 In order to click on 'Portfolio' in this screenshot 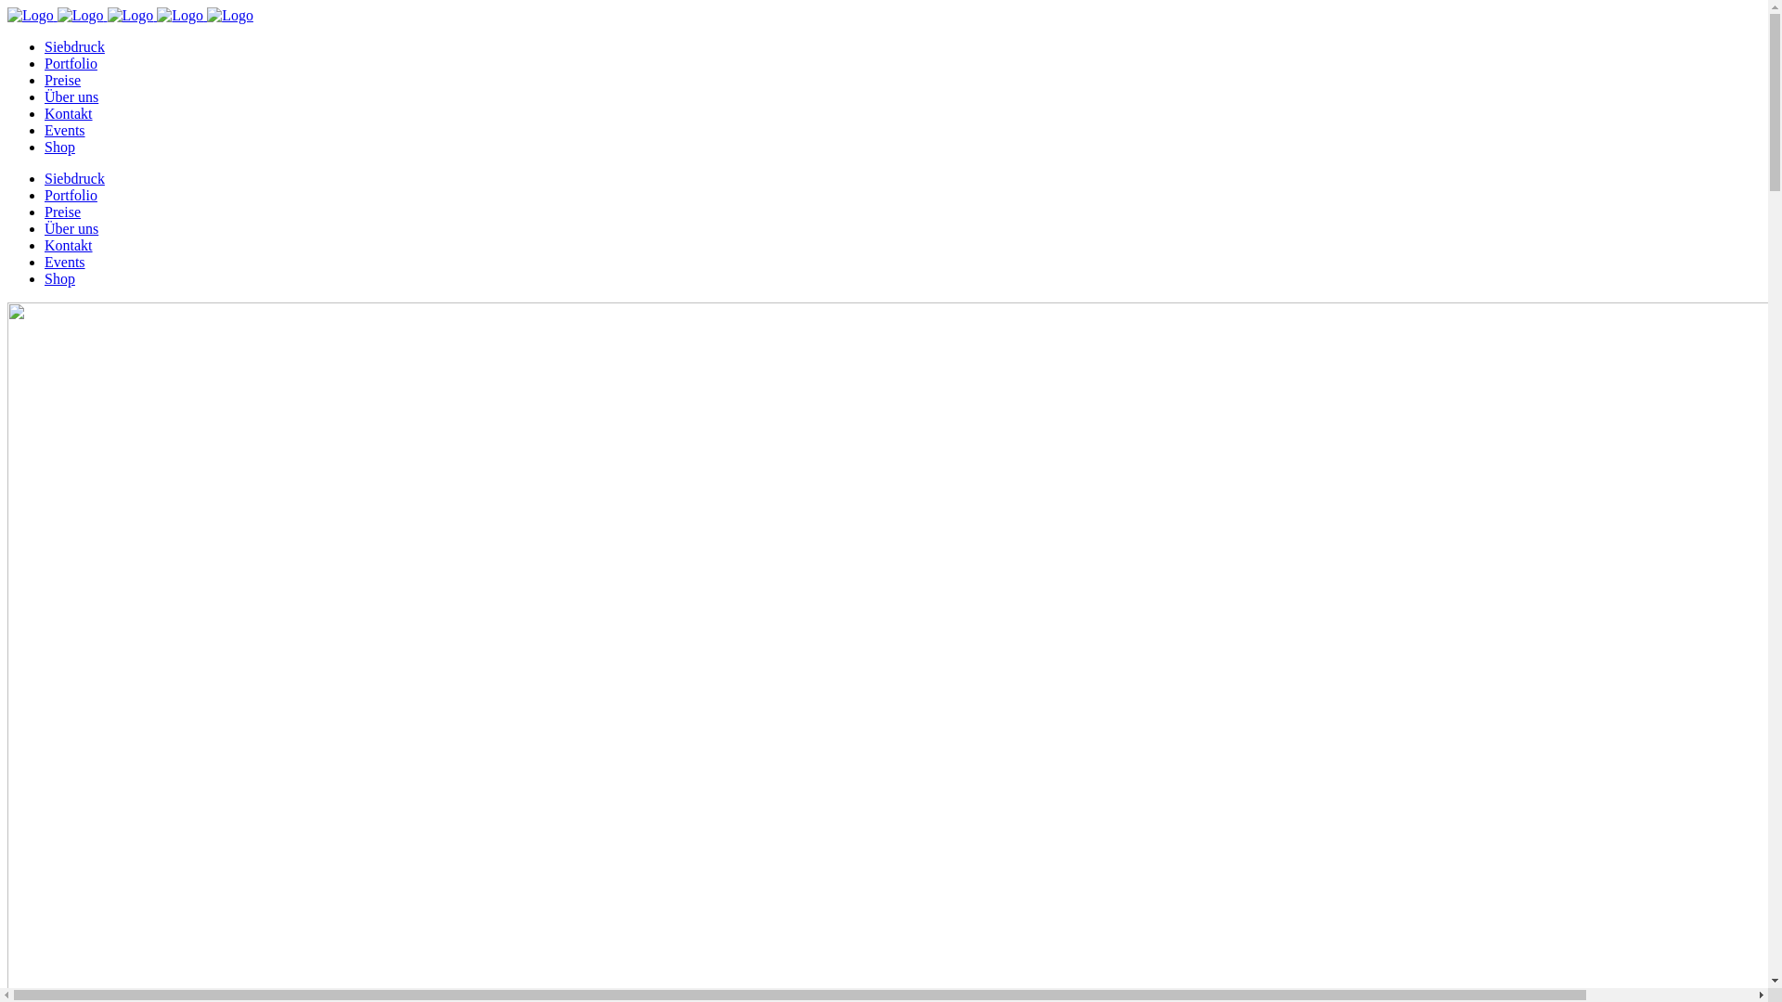, I will do `click(71, 195)`.